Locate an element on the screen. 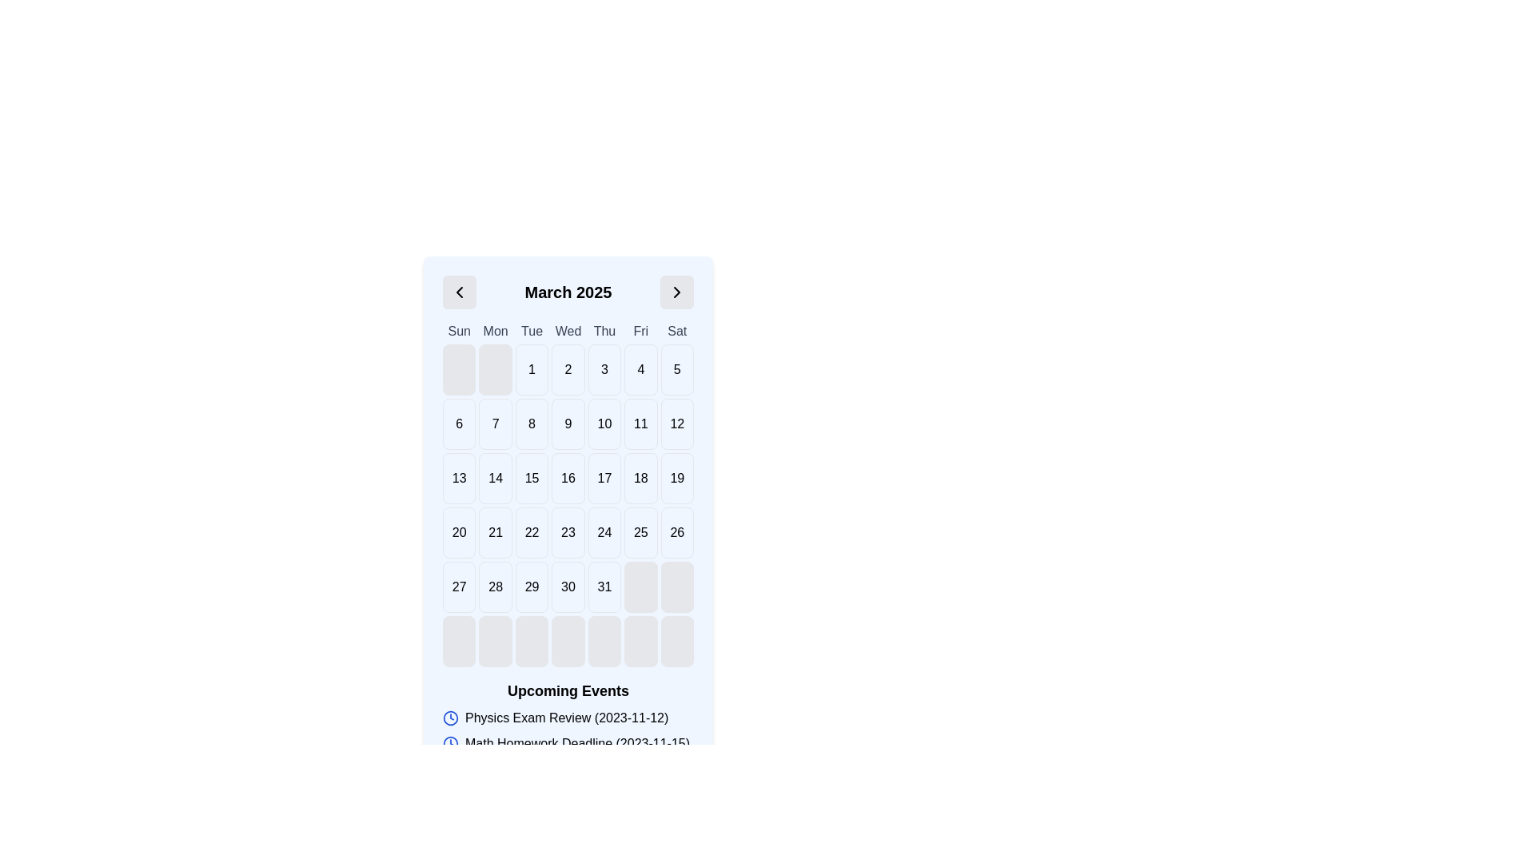  the calendar date cell displaying the number '16', located in the third row and fourth column of the calendar layout is located at coordinates (568, 477).